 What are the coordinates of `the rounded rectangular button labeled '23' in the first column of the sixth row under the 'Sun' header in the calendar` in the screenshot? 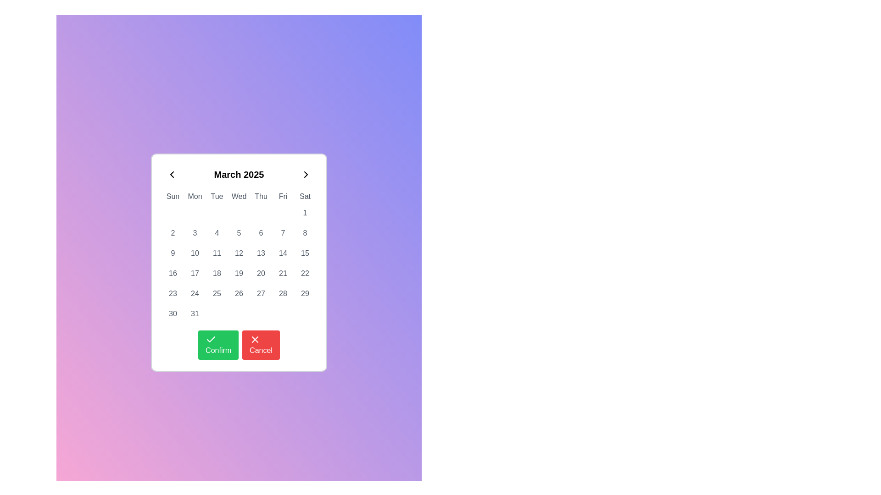 It's located at (173, 293).